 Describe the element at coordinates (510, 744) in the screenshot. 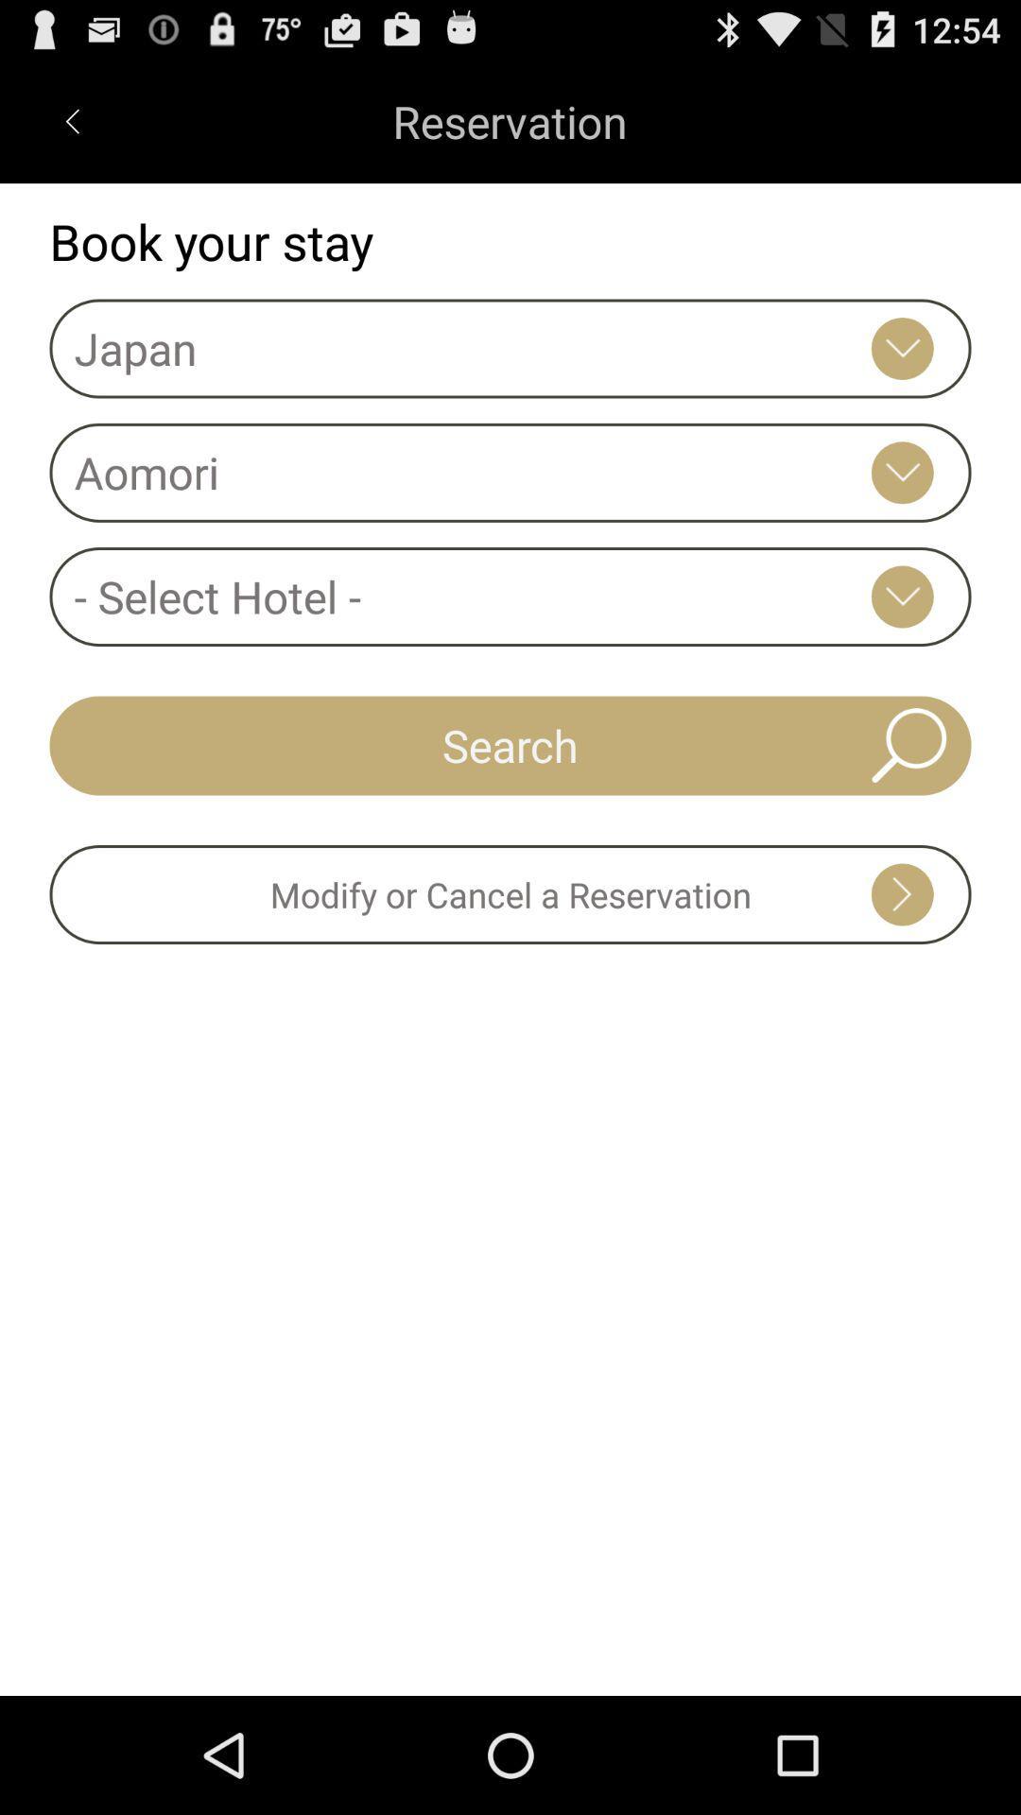

I see `the app below - select hotel -` at that location.